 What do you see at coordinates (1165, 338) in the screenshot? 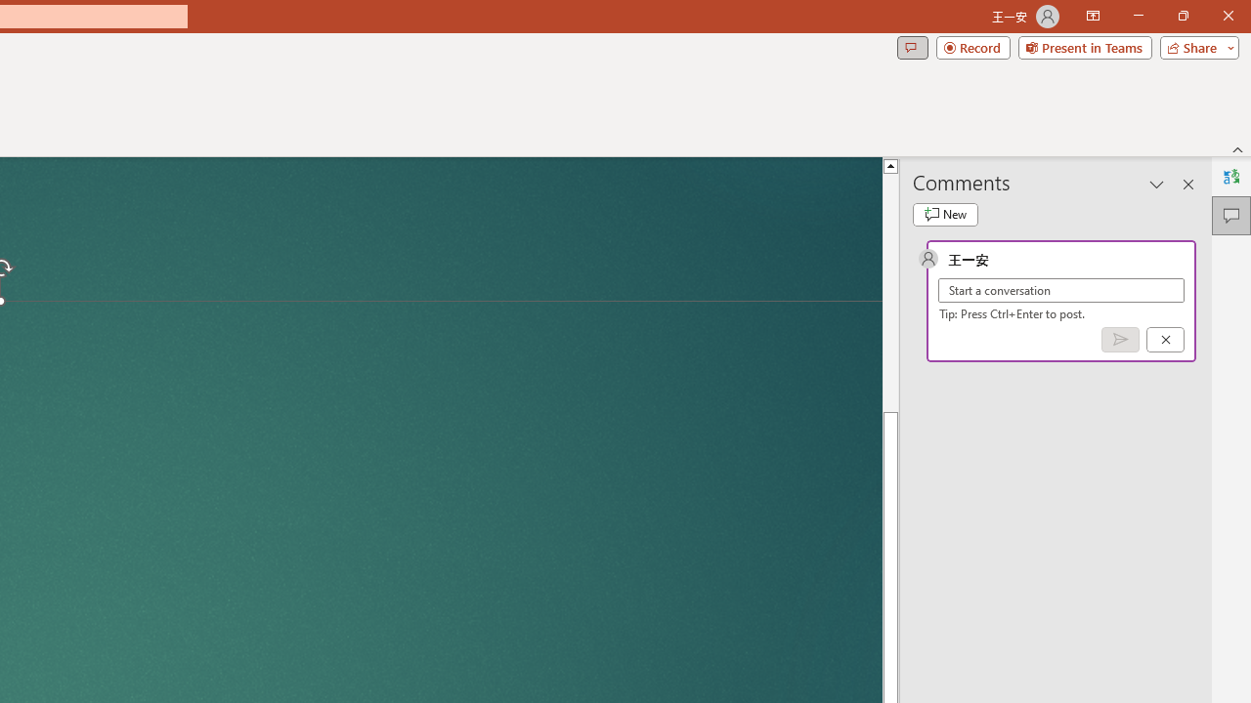
I see `'Cancel'` at bounding box center [1165, 338].